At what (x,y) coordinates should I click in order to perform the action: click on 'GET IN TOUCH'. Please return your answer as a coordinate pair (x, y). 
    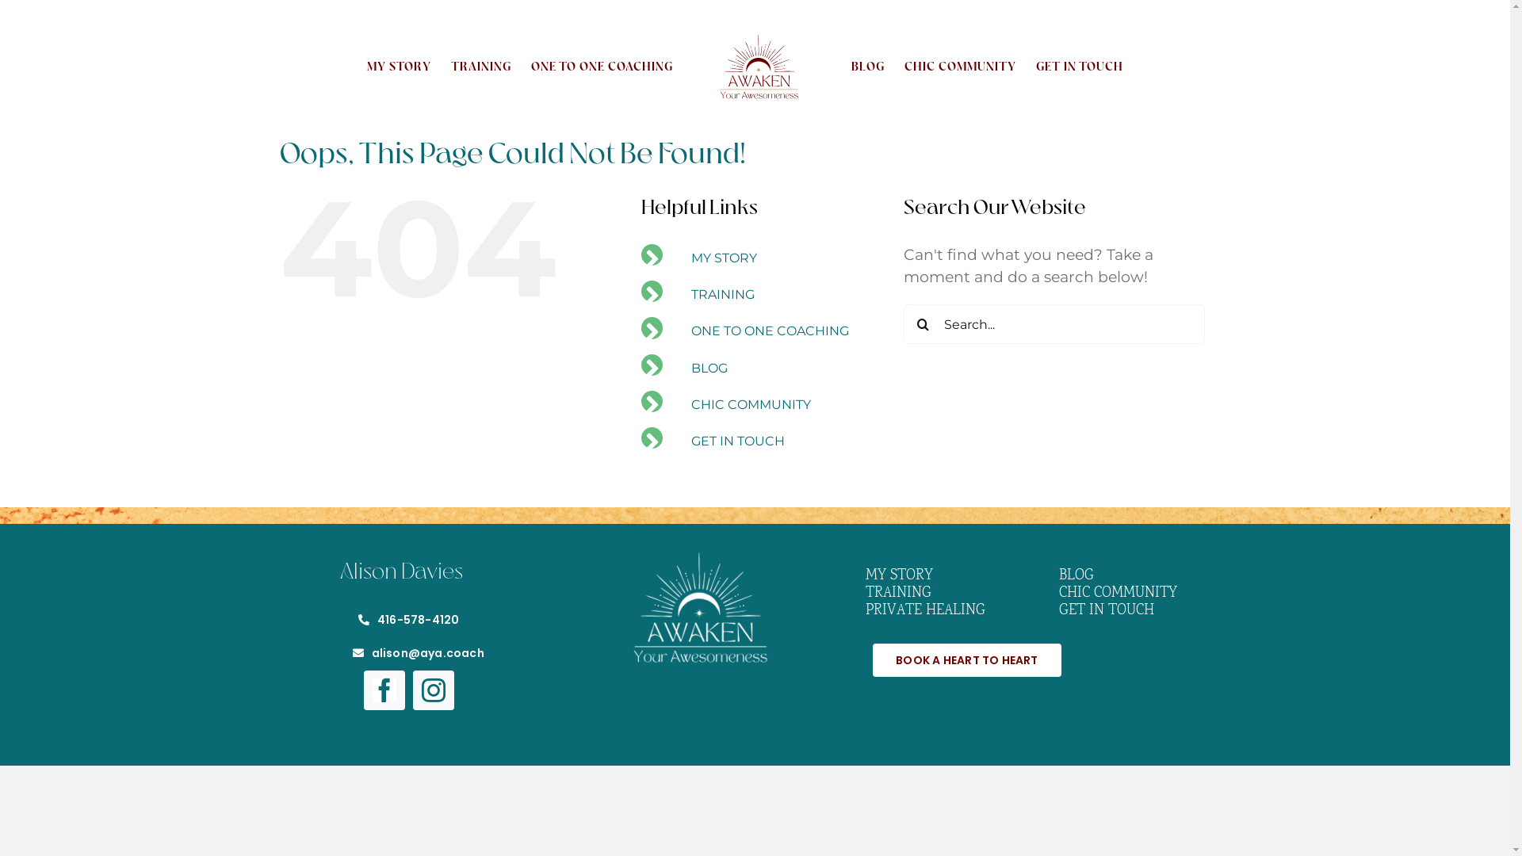
    Looking at the image, I should click on (1145, 610).